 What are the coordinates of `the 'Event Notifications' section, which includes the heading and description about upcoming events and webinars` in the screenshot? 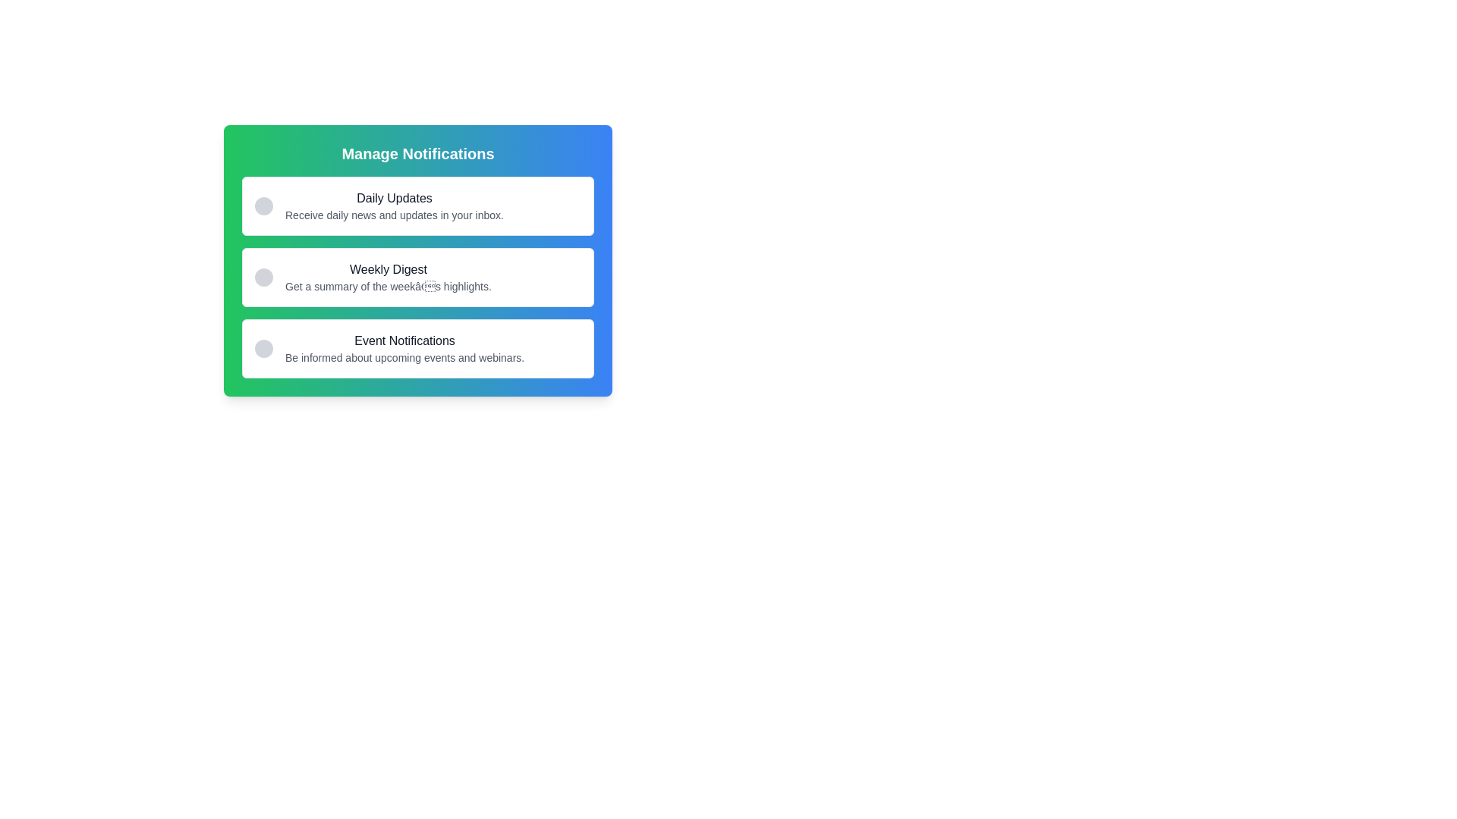 It's located at (404, 348).